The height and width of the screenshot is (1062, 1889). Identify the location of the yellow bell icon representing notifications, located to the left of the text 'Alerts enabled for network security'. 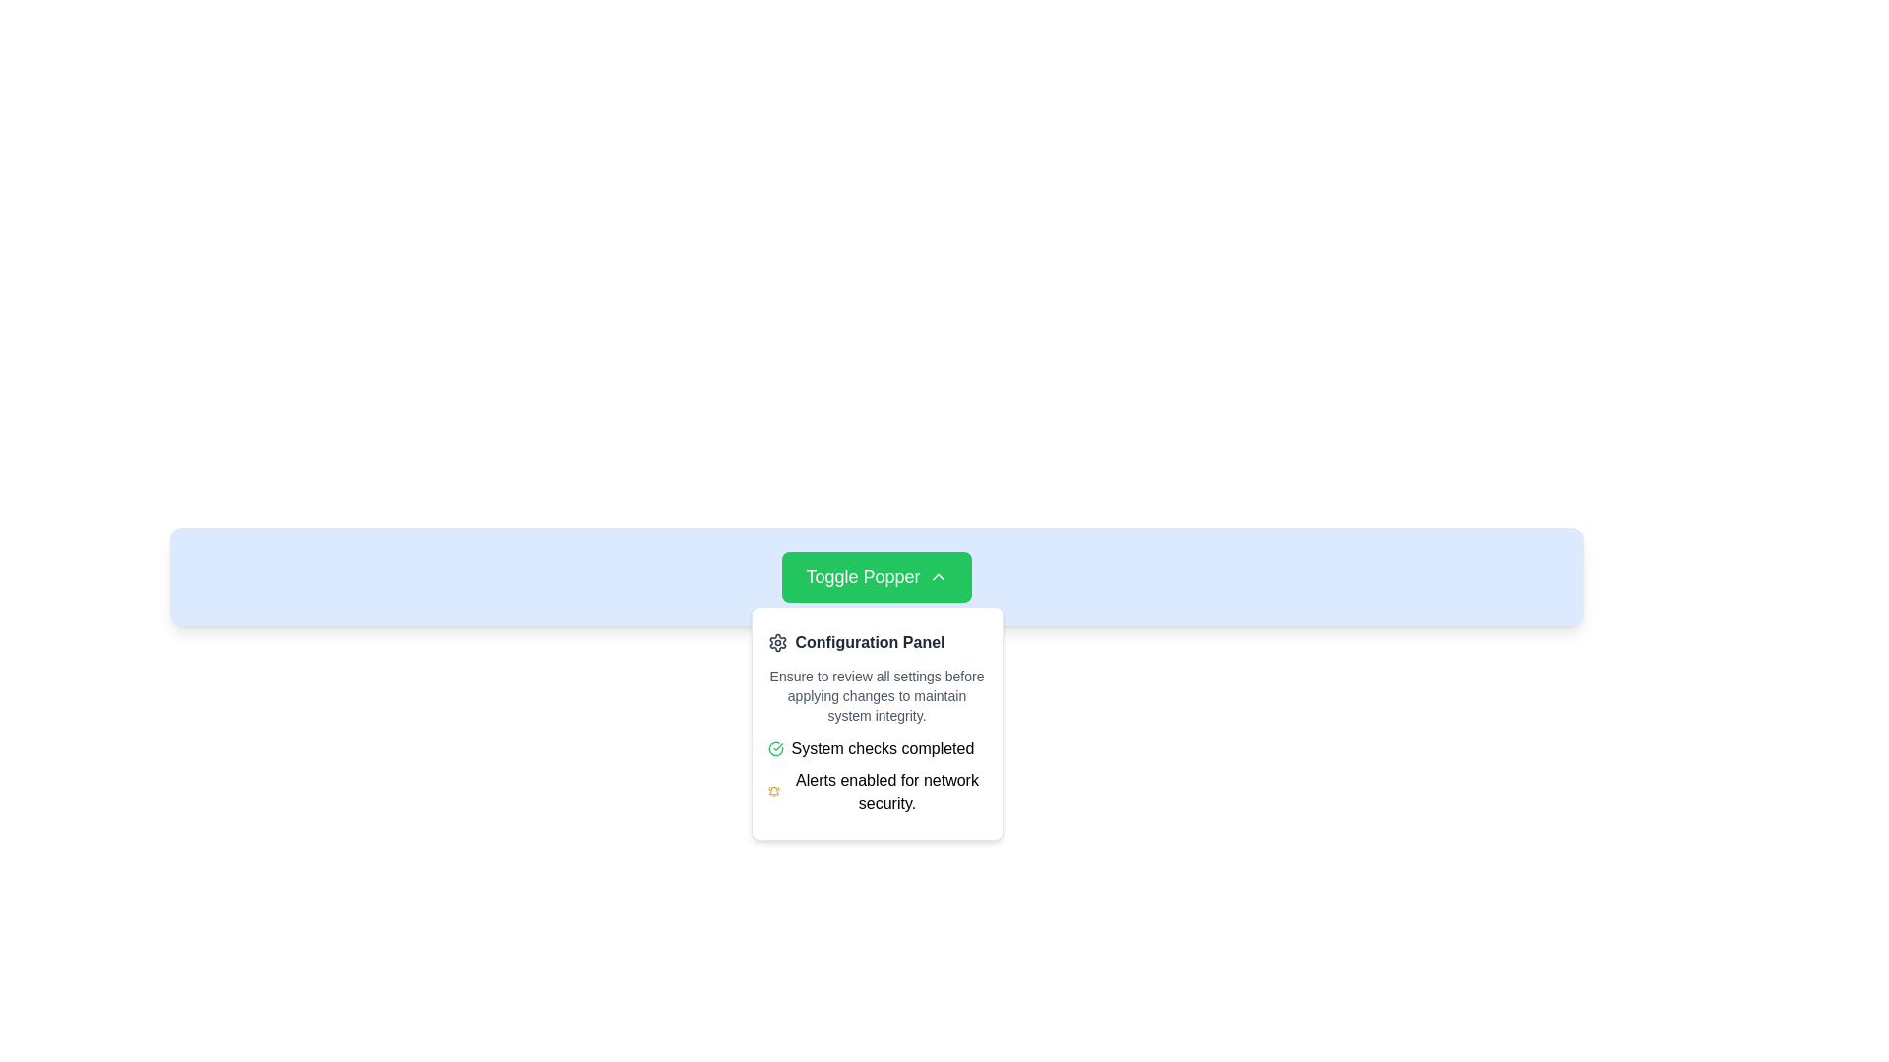
(773, 792).